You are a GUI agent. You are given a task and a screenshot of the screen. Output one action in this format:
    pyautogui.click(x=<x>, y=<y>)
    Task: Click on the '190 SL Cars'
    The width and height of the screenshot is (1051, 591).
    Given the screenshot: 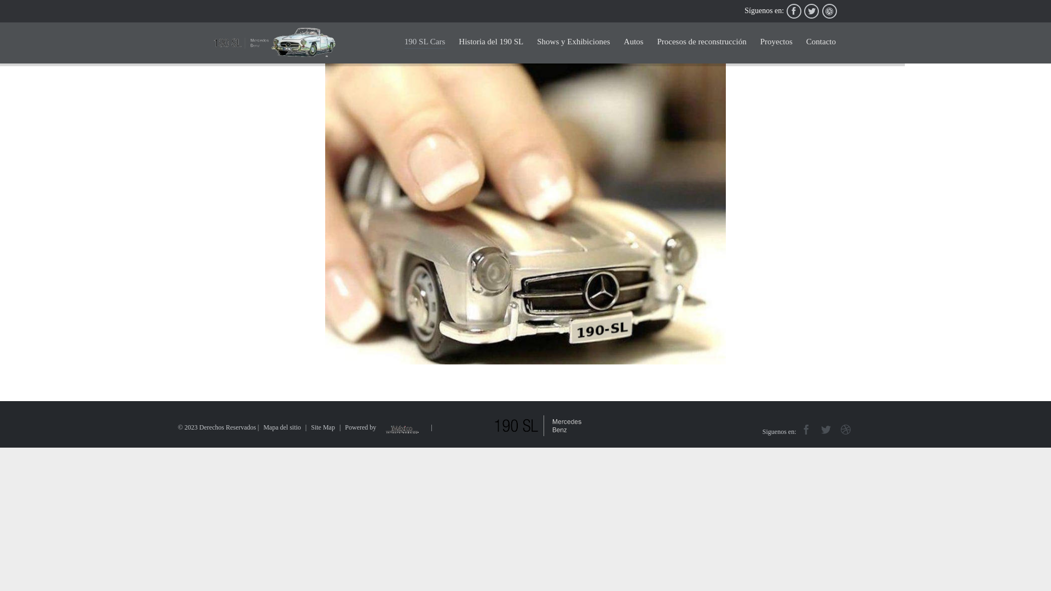 What is the action you would take?
    pyautogui.click(x=424, y=41)
    